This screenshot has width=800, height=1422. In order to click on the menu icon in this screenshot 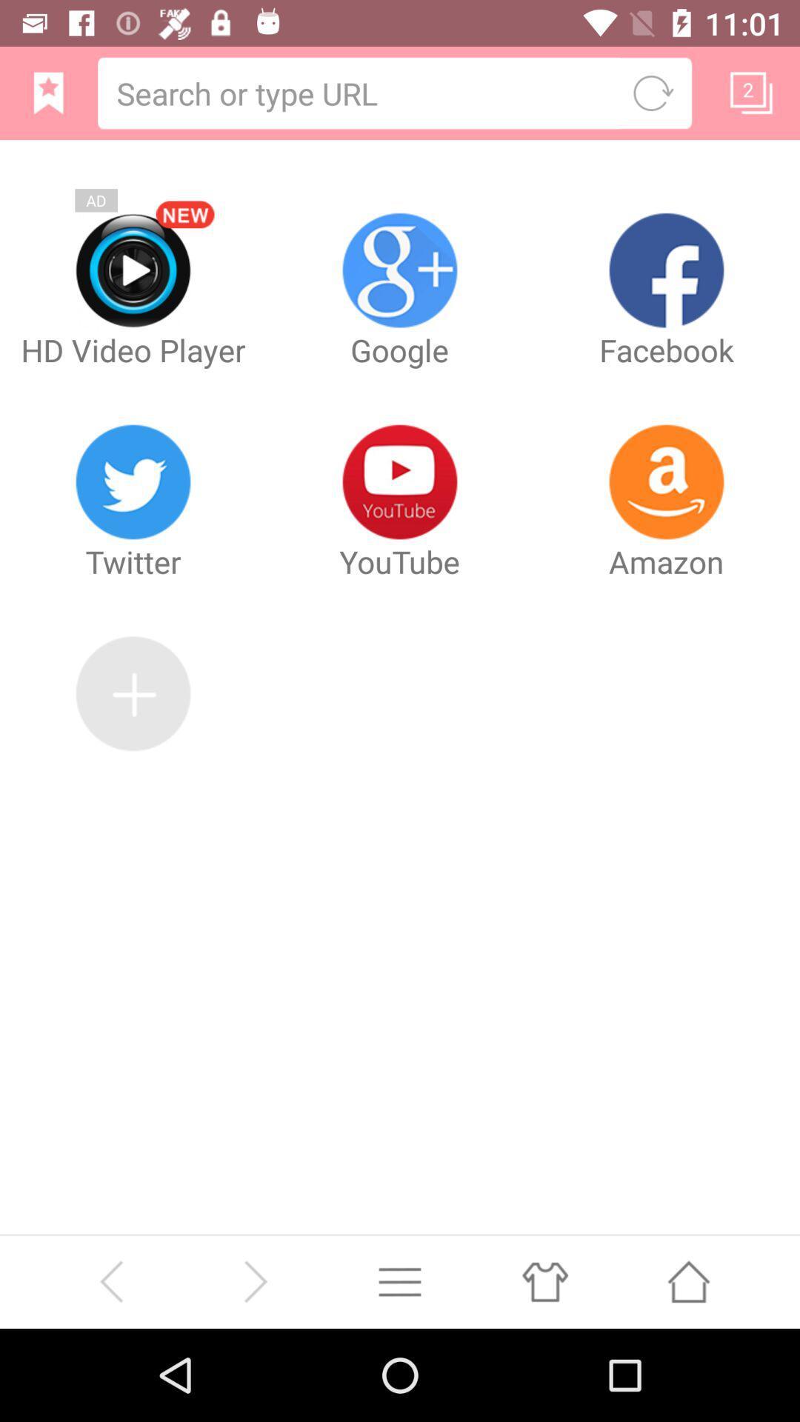, I will do `click(400, 1371)`.